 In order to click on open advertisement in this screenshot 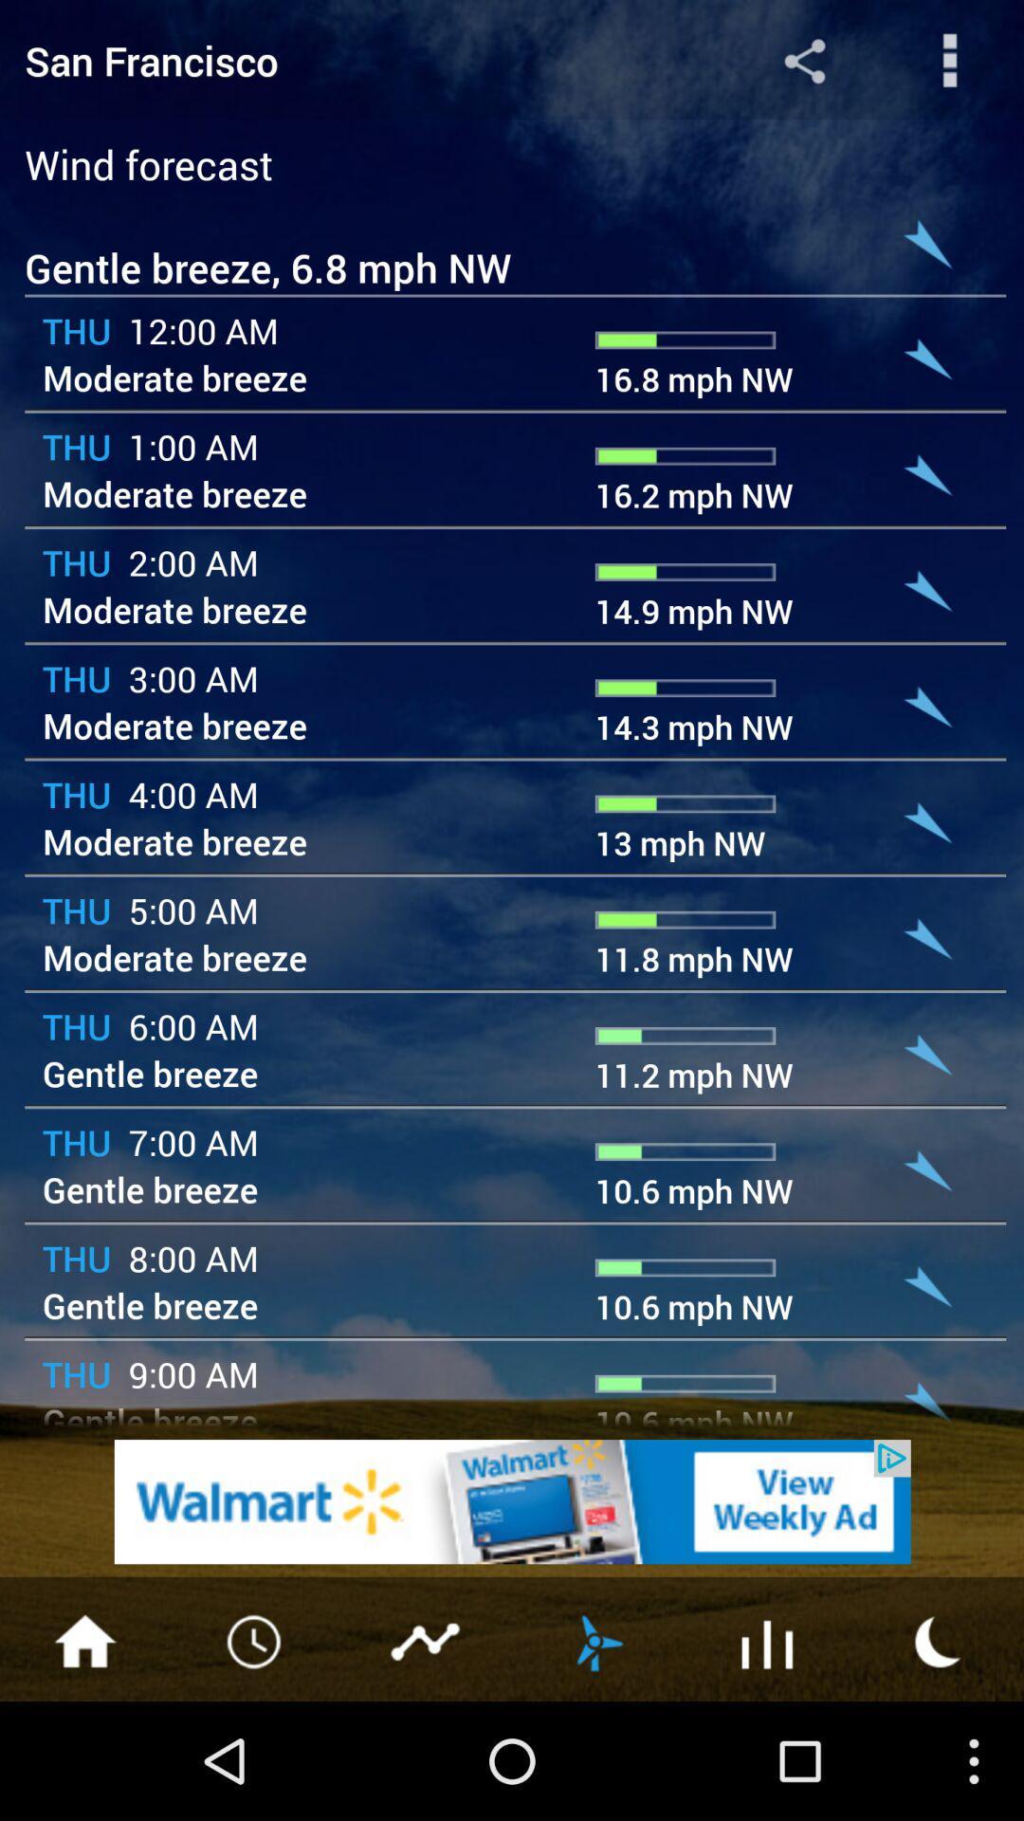, I will do `click(512, 1500)`.